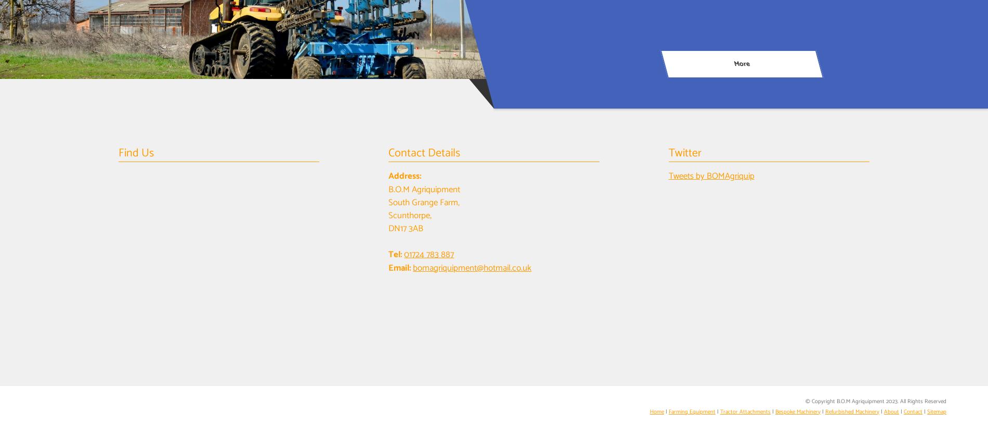 The image size is (988, 426). I want to click on 'Refurbished Machinery', so click(852, 411).